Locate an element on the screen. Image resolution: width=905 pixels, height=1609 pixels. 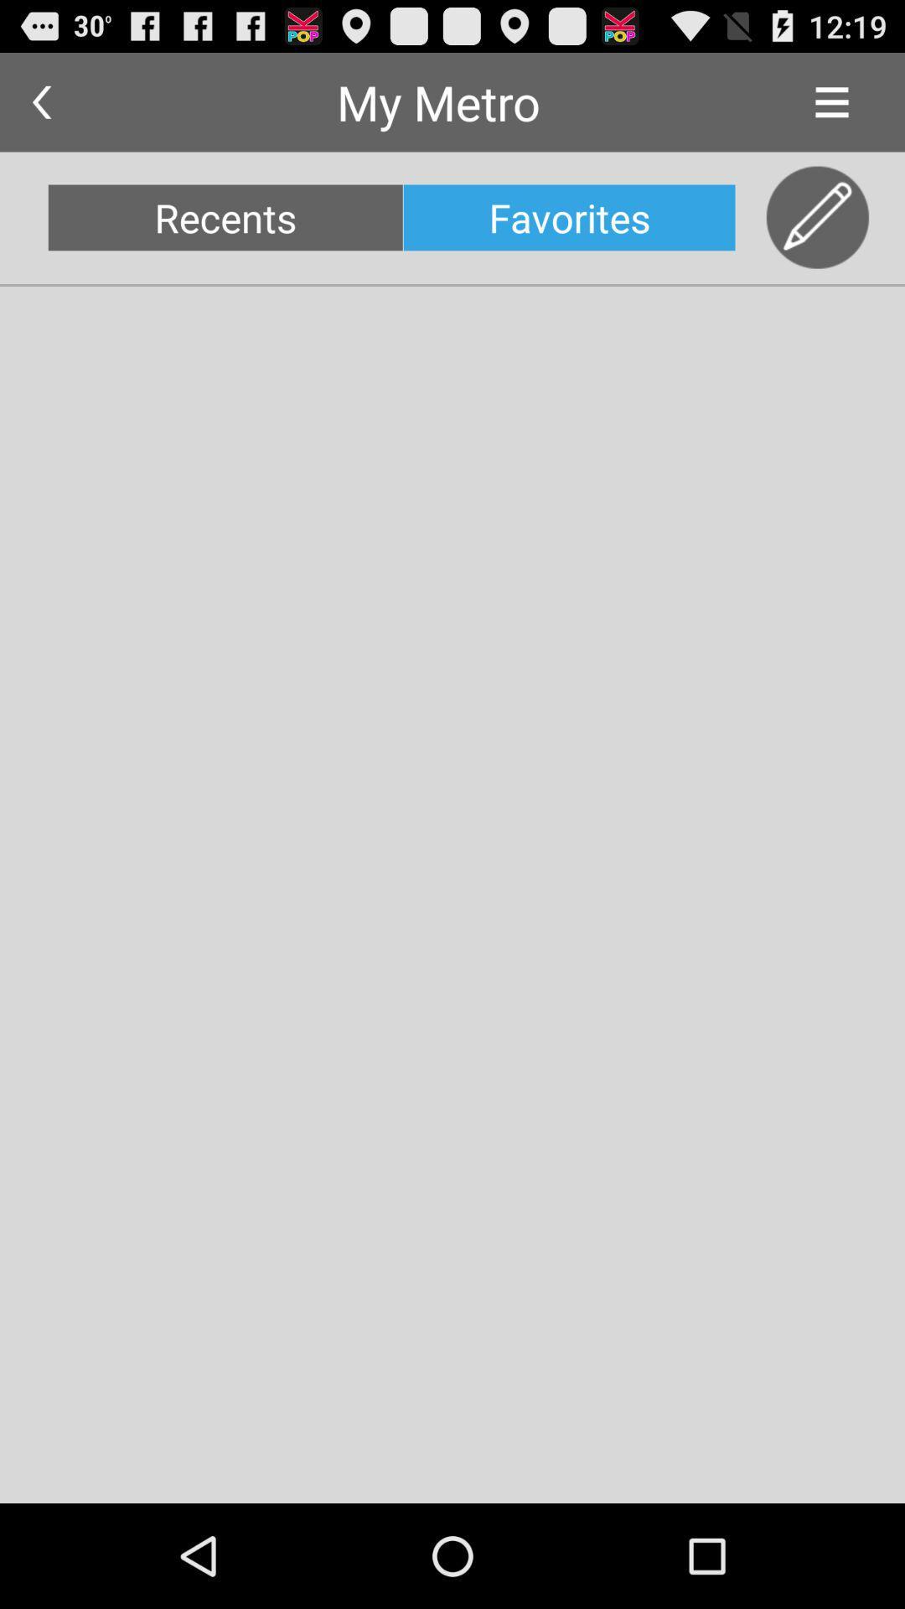
recents icon is located at coordinates (225, 216).